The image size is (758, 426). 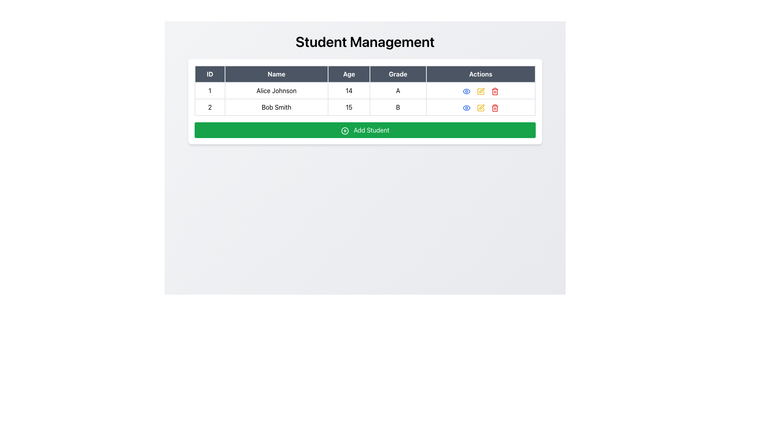 I want to click on the static text element displaying the grade of student 'Bob Smith' located in the fourth column of the second row of the table under the 'Grade' header, so click(x=398, y=107).